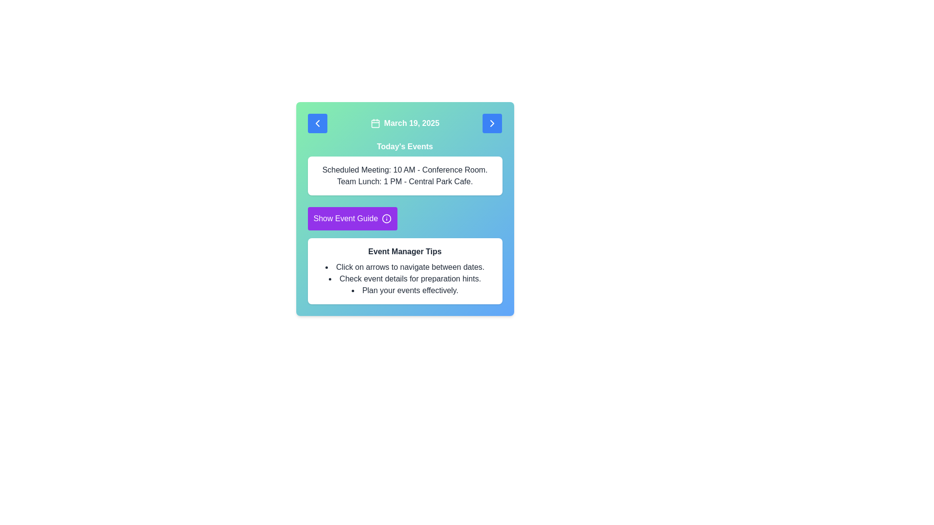  I want to click on the small rounded rectangular blue button with a white chevron icon, so click(492, 123).